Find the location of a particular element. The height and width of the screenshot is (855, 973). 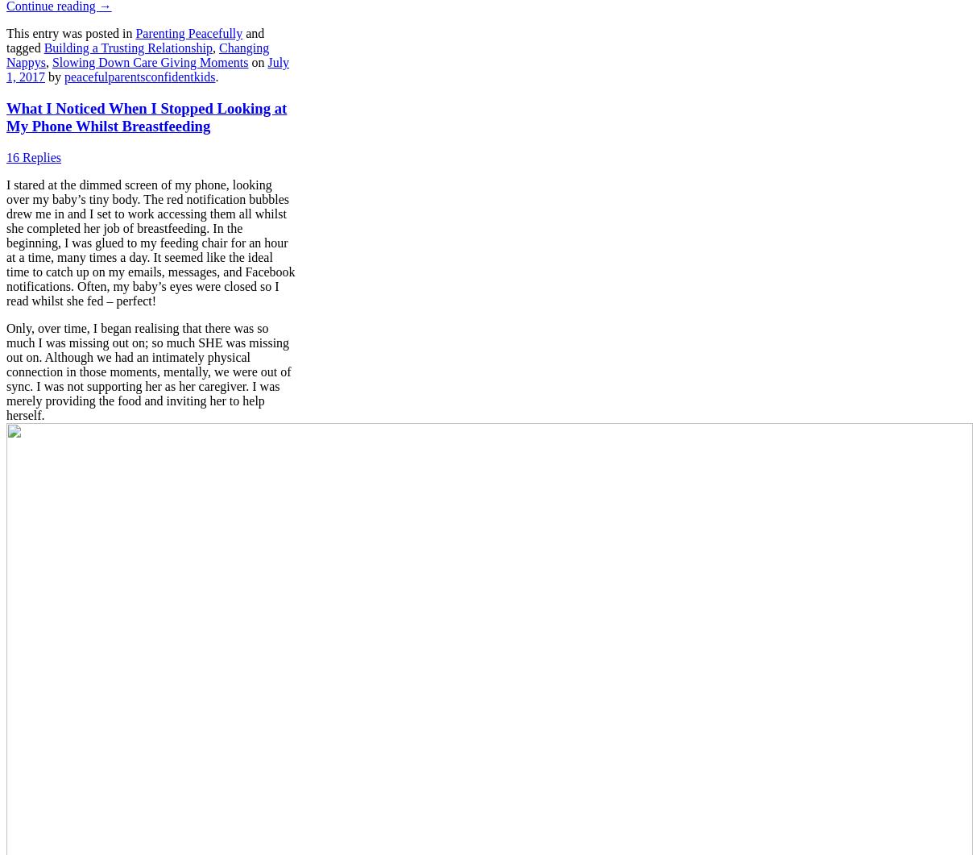

'by' is located at coordinates (54, 77).